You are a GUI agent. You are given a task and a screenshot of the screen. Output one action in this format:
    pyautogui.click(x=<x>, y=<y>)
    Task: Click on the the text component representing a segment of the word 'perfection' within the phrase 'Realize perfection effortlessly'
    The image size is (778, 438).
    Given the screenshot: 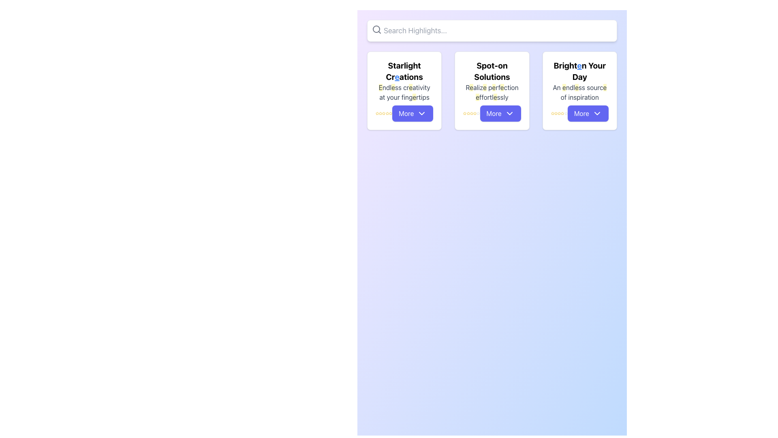 What is the action you would take?
    pyautogui.click(x=497, y=88)
    